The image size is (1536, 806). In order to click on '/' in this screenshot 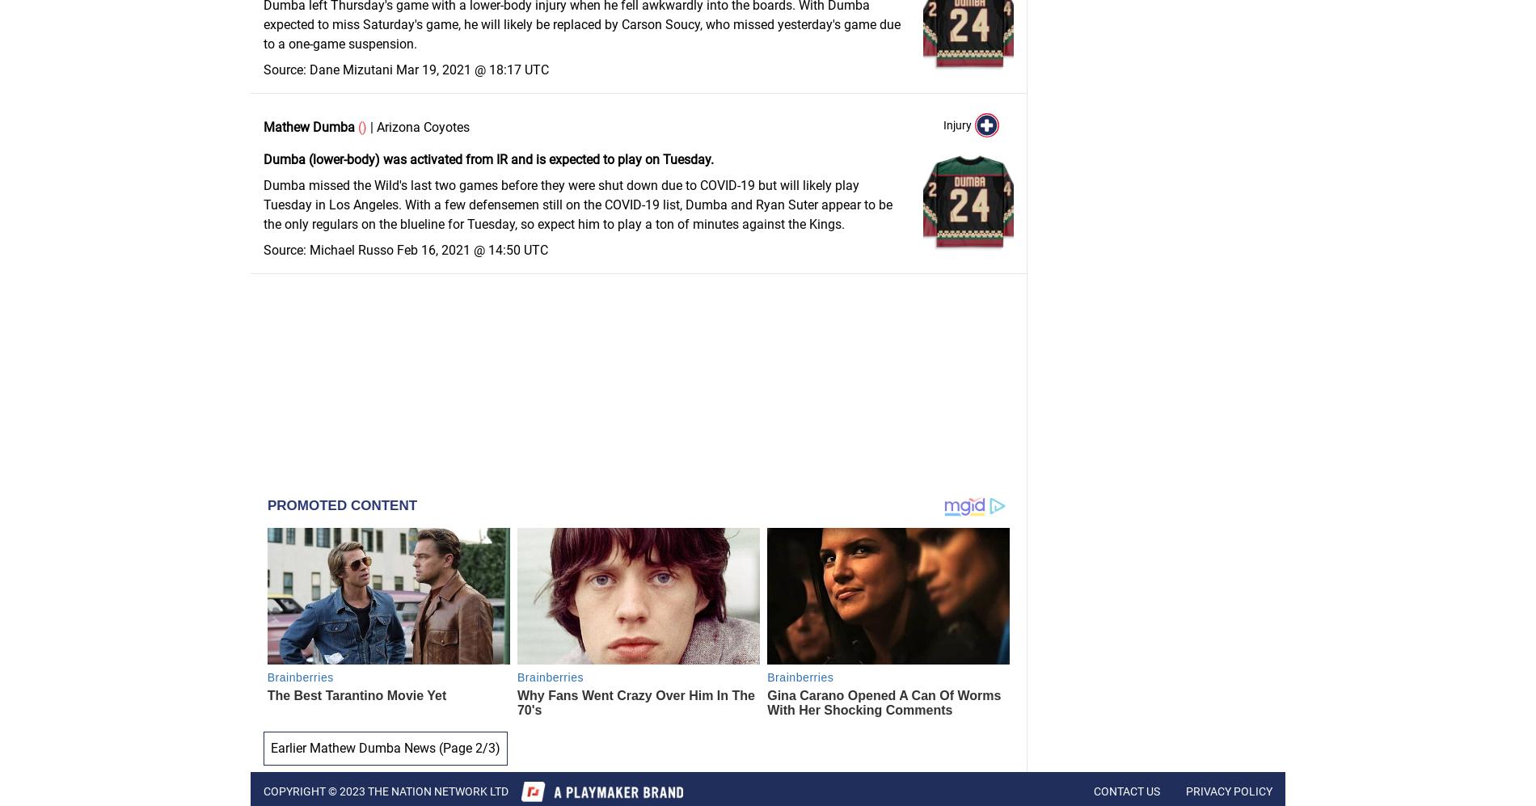, I will do `click(485, 748)`.